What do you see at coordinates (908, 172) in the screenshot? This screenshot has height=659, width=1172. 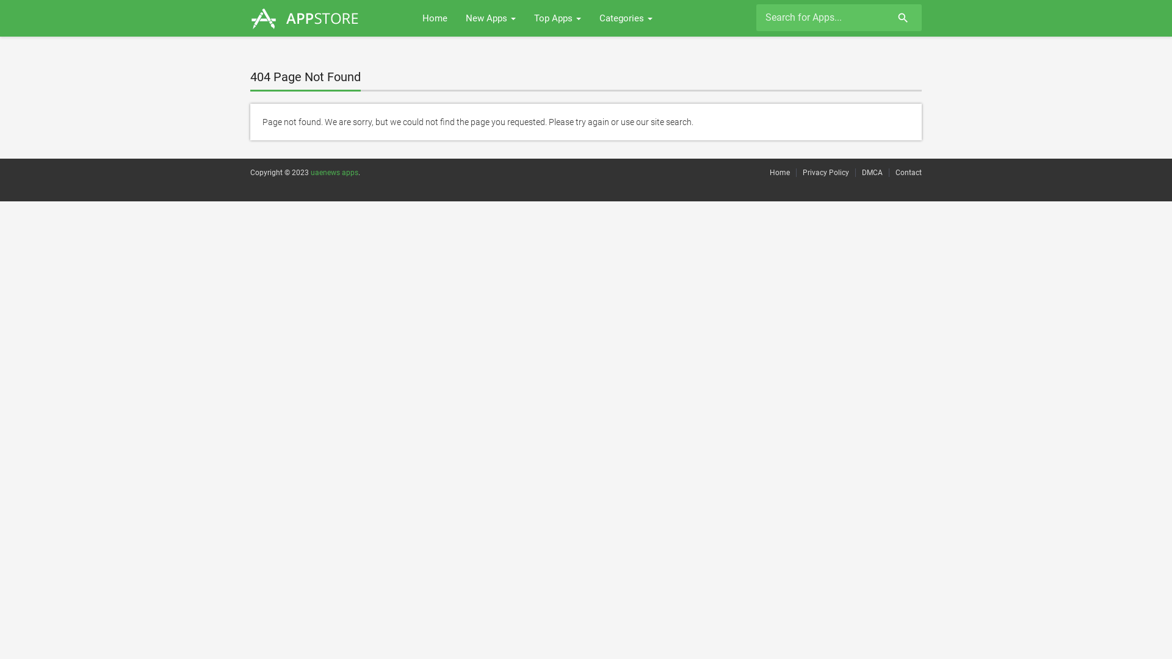 I see `'Contact'` at bounding box center [908, 172].